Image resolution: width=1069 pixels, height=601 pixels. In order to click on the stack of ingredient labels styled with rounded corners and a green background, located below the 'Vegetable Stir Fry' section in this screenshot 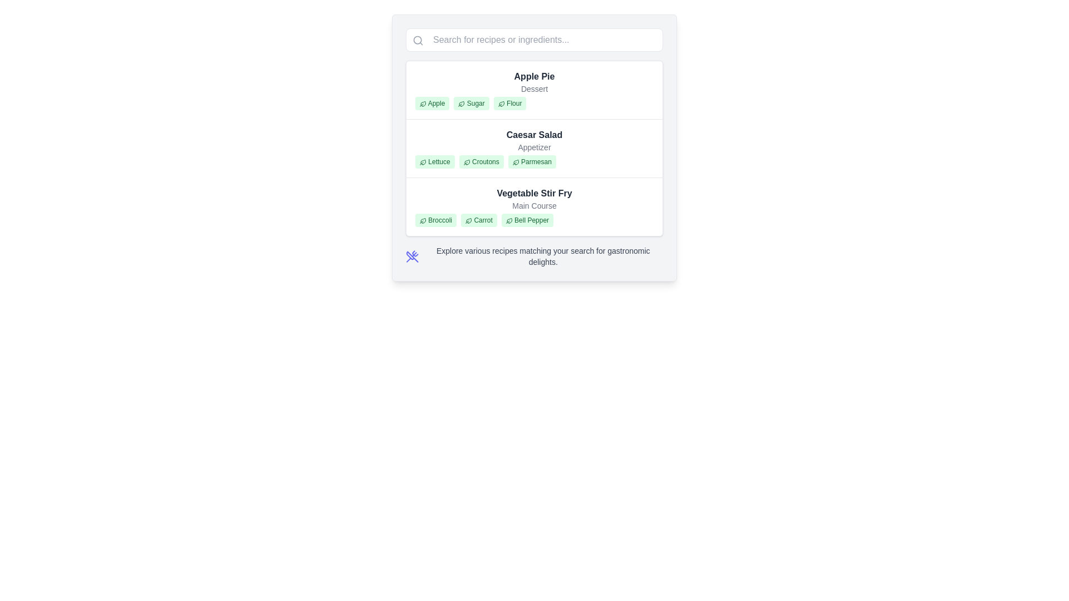, I will do `click(534, 220)`.